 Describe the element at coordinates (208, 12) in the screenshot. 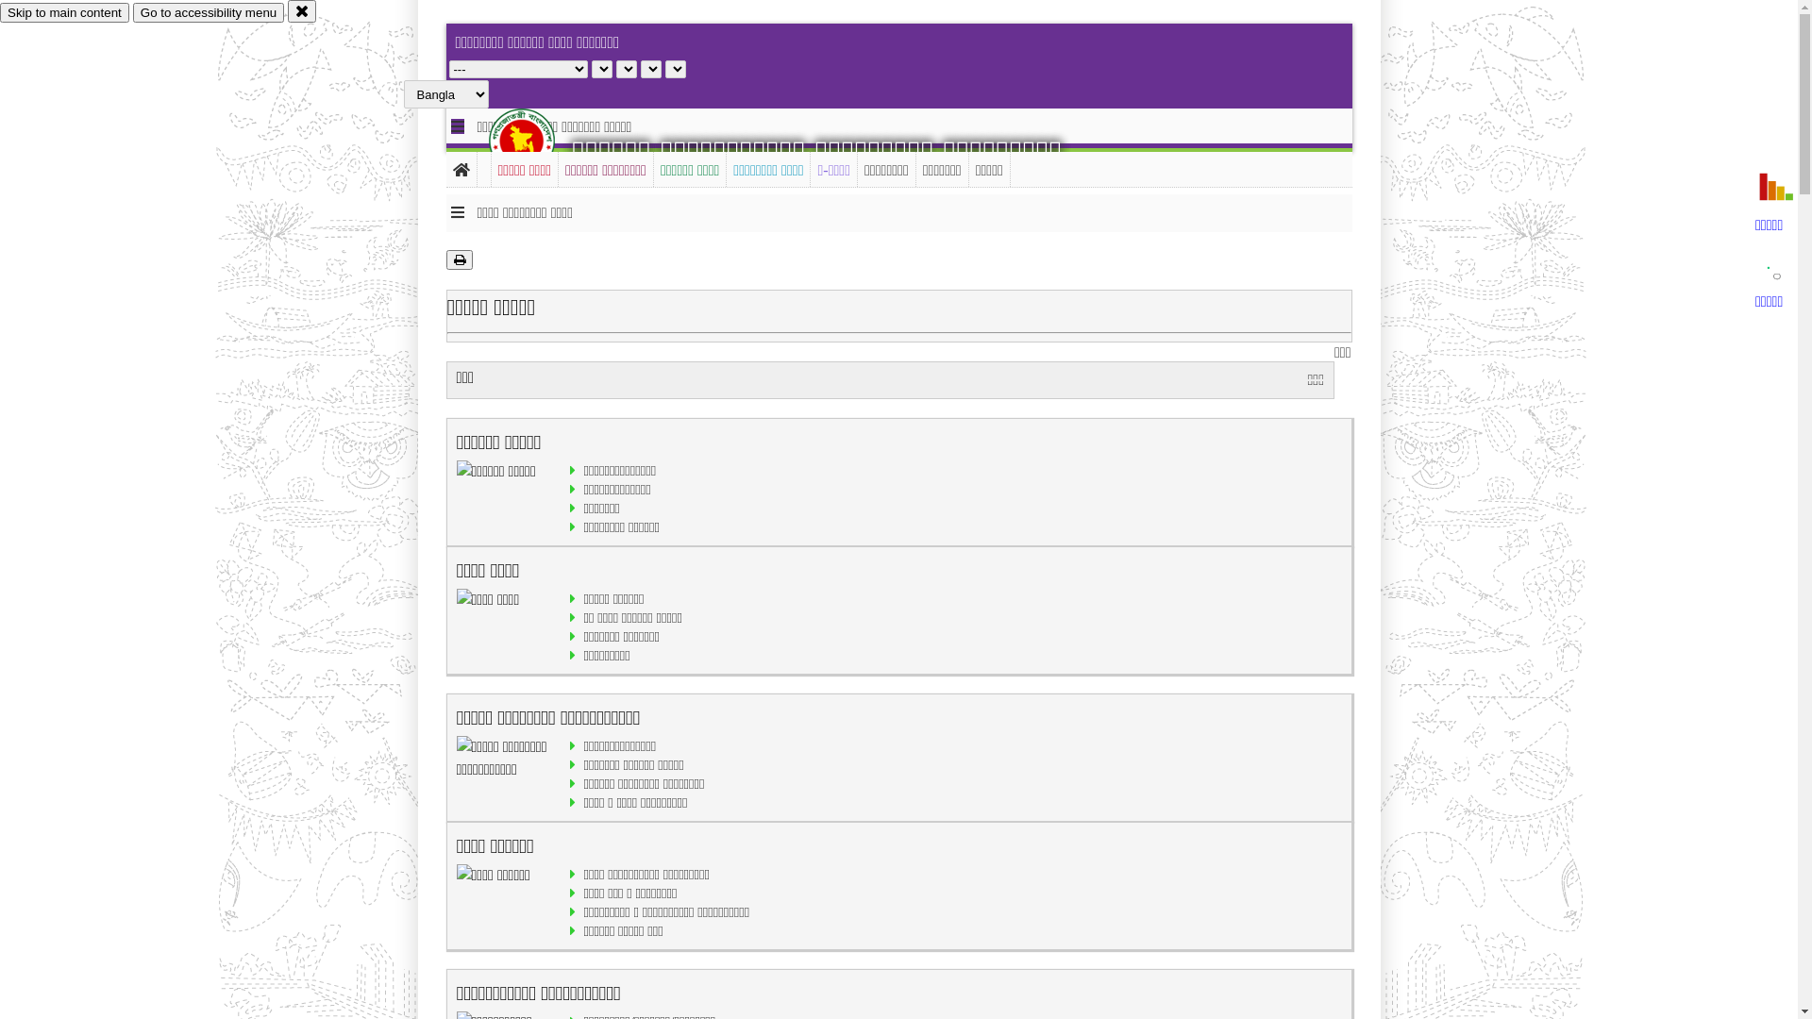

I see `'Go to accessibility menu'` at that location.